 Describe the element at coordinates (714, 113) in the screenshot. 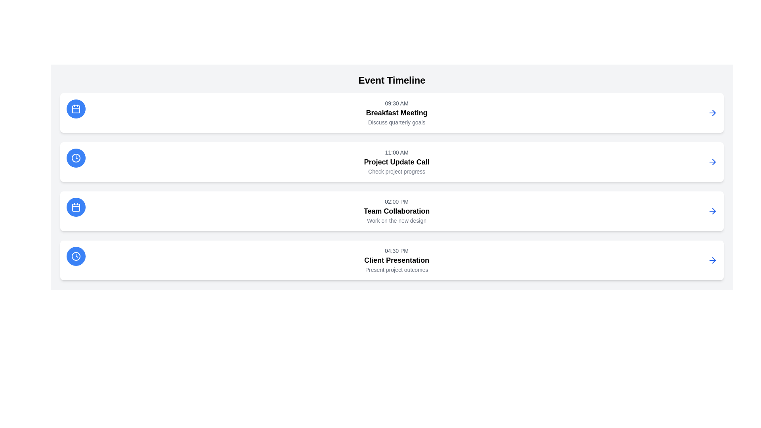

I see `the rightward-pointing arrow icon located at the extreme right of the first row in a vertically stacked list of interactive event items` at that location.